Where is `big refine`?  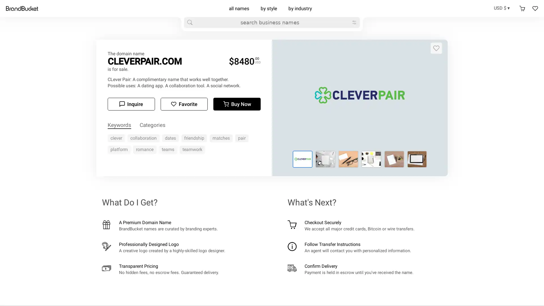 big refine is located at coordinates (354, 22).